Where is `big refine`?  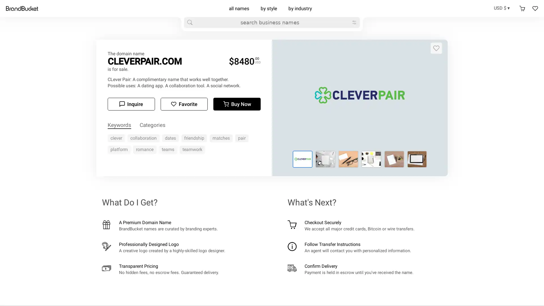 big refine is located at coordinates (354, 22).